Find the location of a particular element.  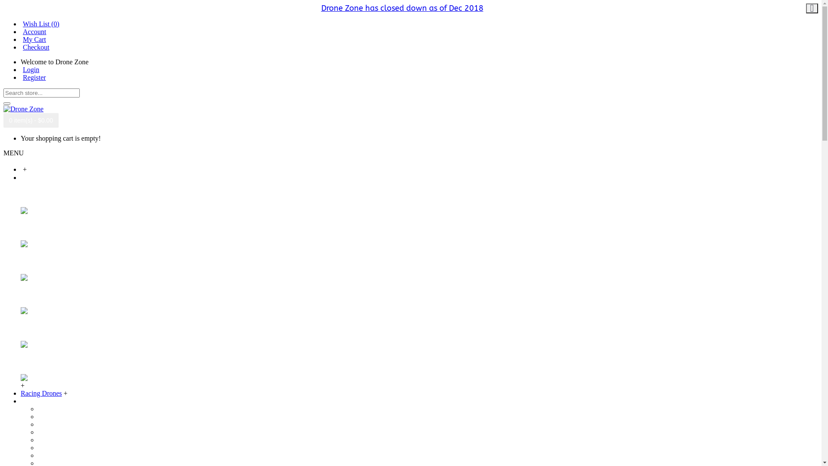

'DJI Spark' is located at coordinates (51, 408).